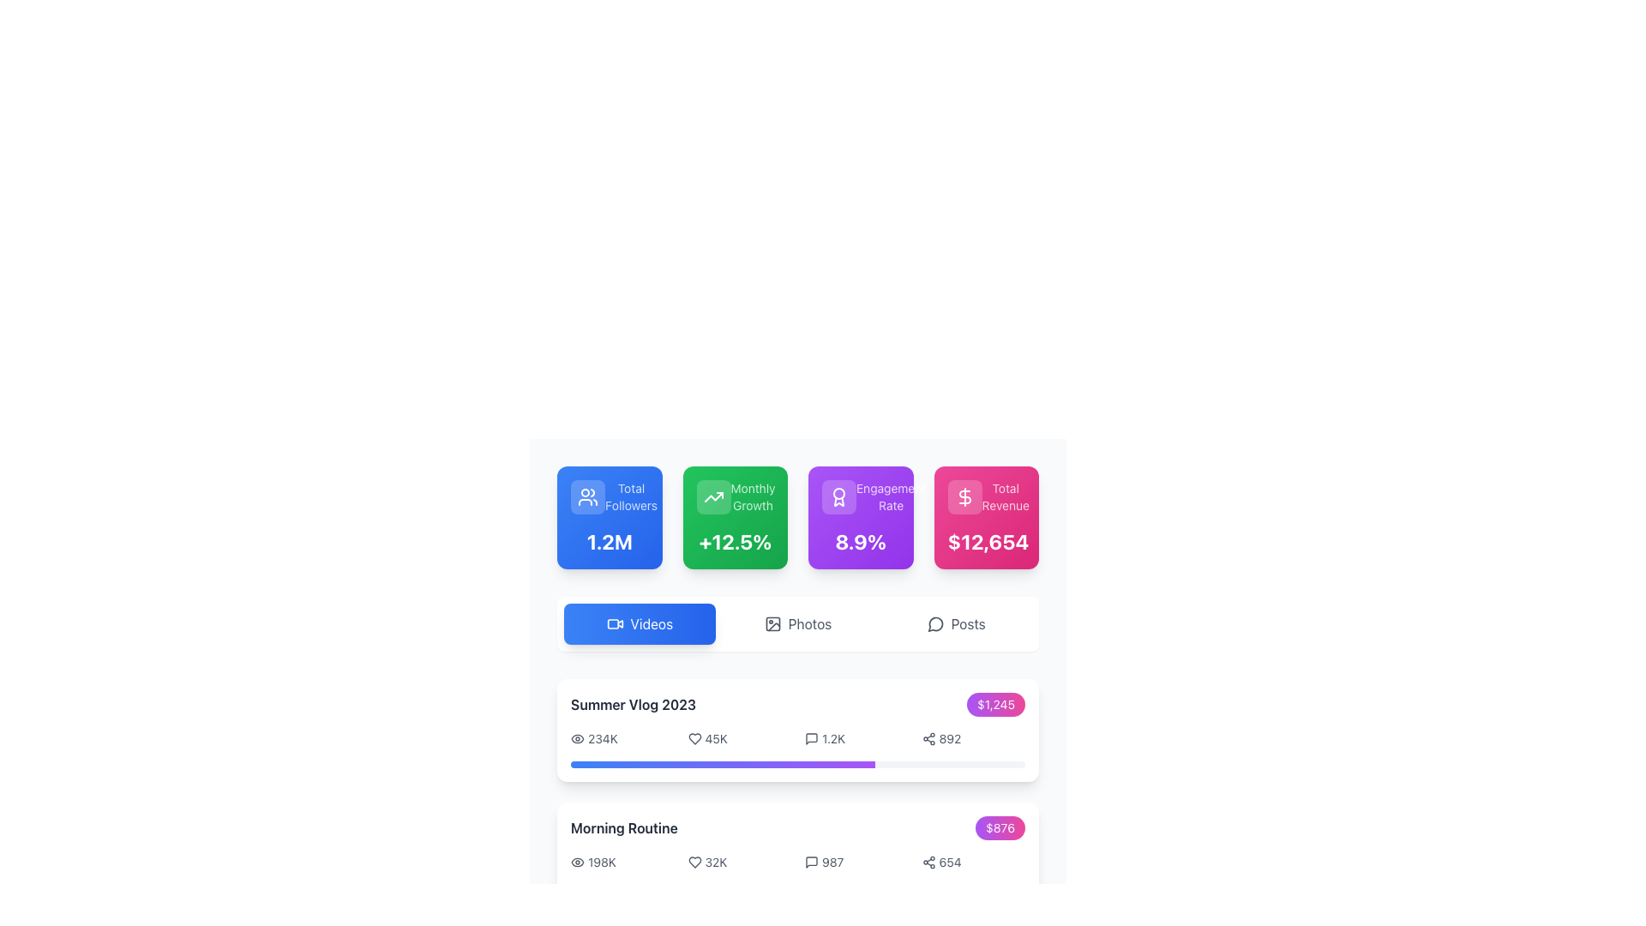  What do you see at coordinates (613, 624) in the screenshot?
I see `the blue rounded rectangle icon graphic that is centrally positioned` at bounding box center [613, 624].